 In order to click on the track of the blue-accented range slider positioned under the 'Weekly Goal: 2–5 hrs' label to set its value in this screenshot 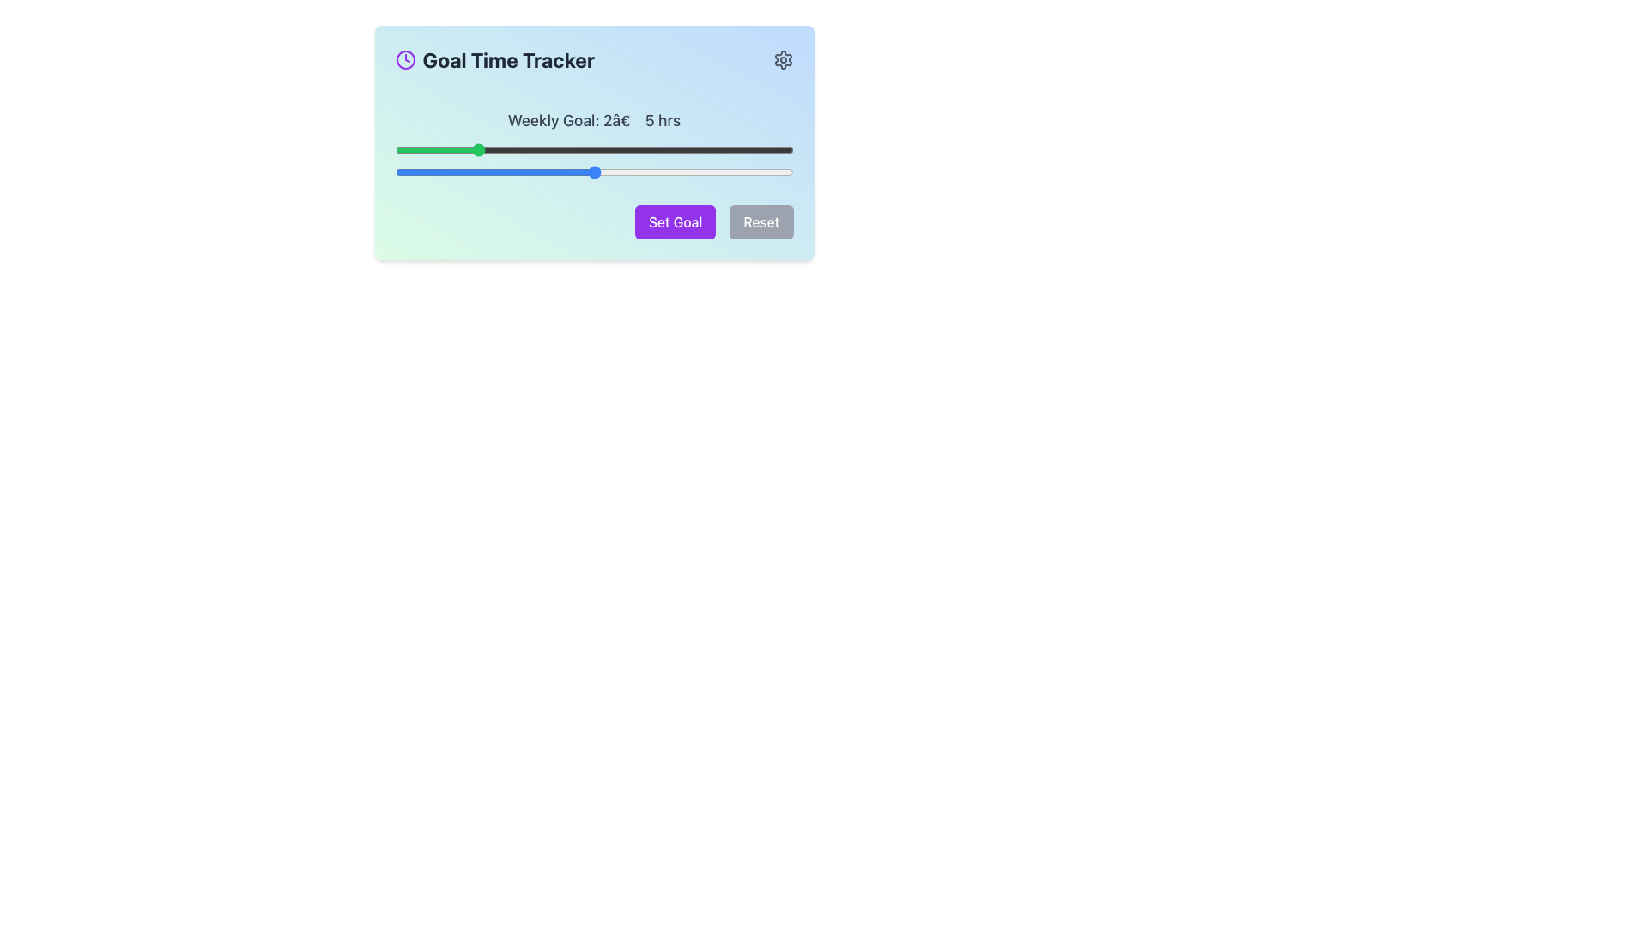, I will do `click(594, 172)`.